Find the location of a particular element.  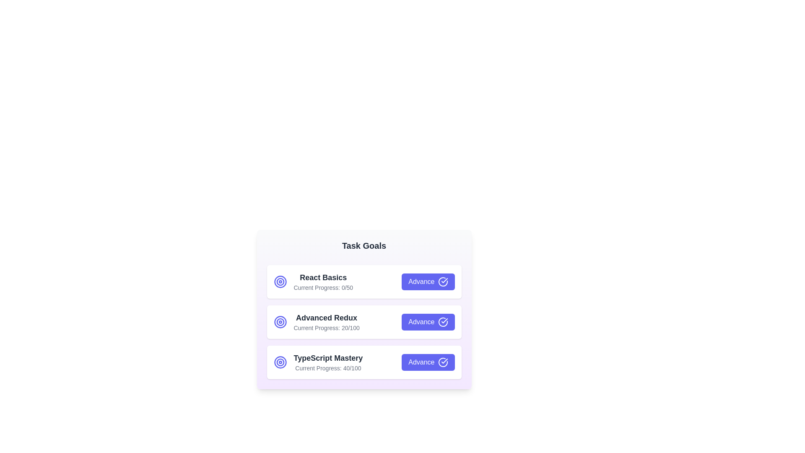

progress information displayed in the Text Display for 'TypeScript Mastery', which indicates a progress of 40 out of 100, located in the 'Task Goals' section beneath 'Advanced Redux' is located at coordinates (327, 362).